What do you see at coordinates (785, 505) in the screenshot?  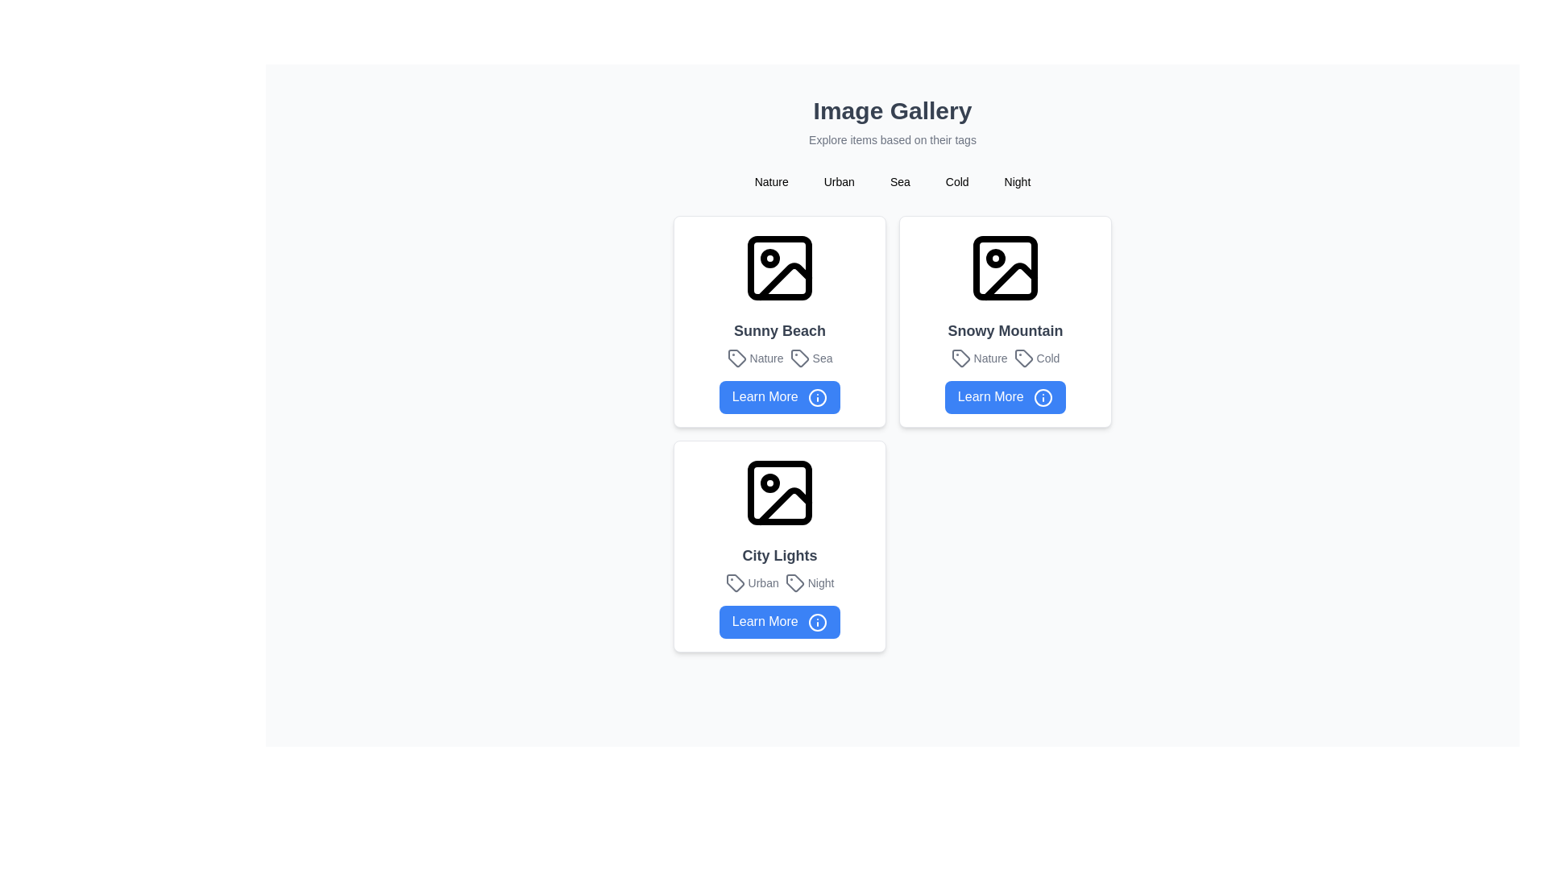 I see `the diagonal line in the bottom right part of the 'City Lights' photo frame icon, which is part of the SVG graphic` at bounding box center [785, 505].